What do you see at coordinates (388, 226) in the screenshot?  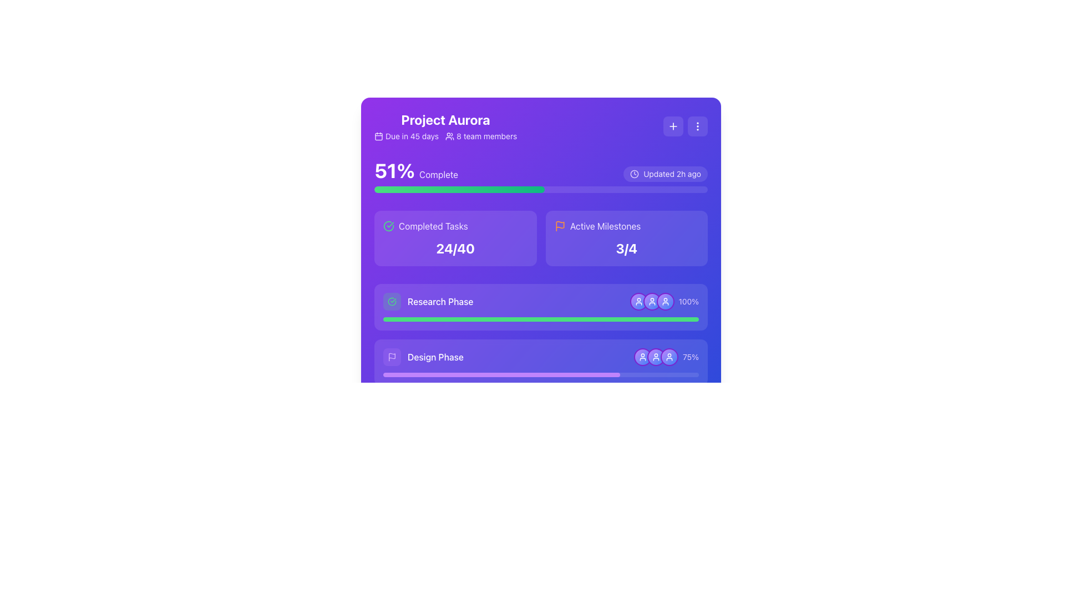 I see `the green circular icon with a checkmark that indicates completion, positioned to the left of the 'Completed Tasks' text in the purple card at the top section of the interface` at bounding box center [388, 226].